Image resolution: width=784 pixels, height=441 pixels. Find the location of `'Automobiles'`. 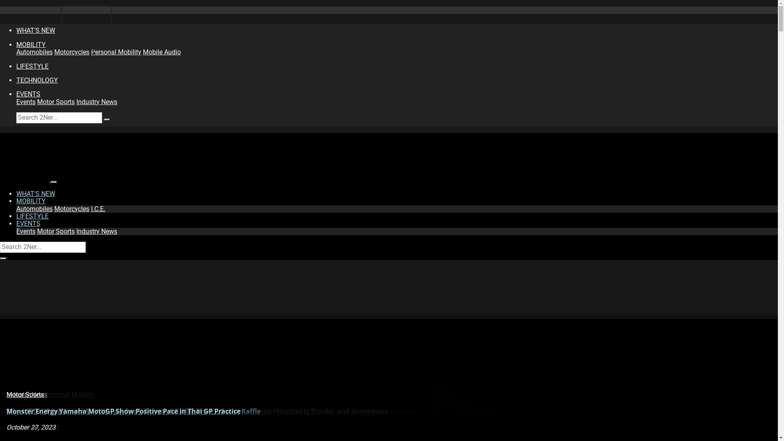

'Automobiles' is located at coordinates (34, 208).